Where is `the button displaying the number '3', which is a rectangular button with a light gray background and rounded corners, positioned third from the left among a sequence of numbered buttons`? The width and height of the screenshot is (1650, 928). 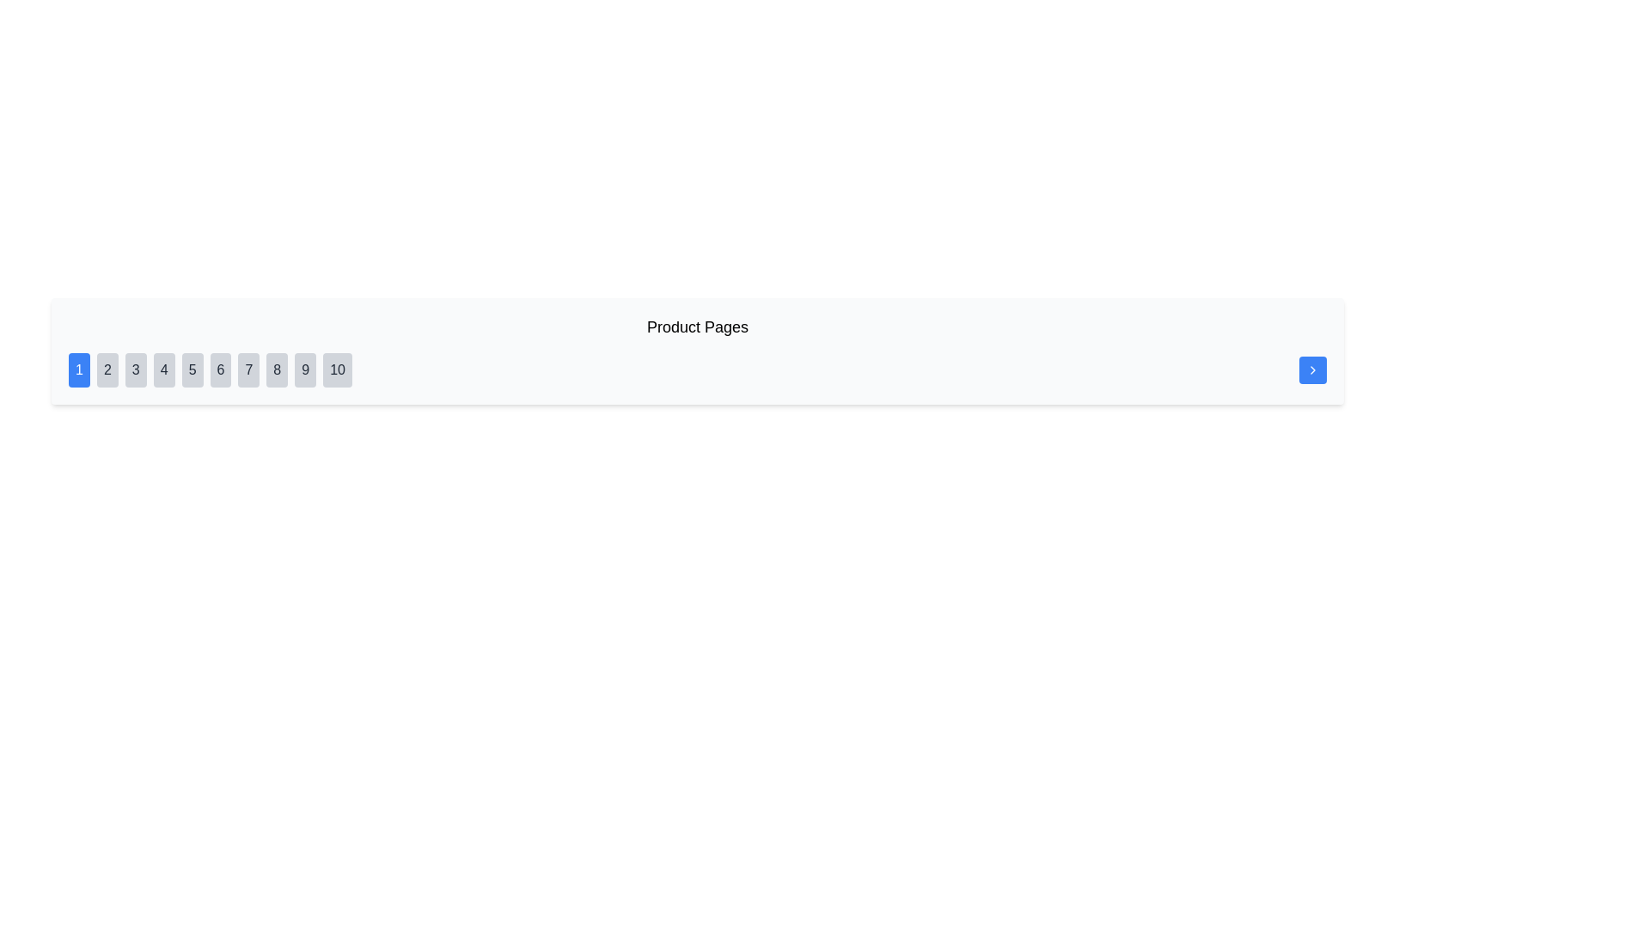 the button displaying the number '3', which is a rectangular button with a light gray background and rounded corners, positioned third from the left among a sequence of numbered buttons is located at coordinates (135, 369).